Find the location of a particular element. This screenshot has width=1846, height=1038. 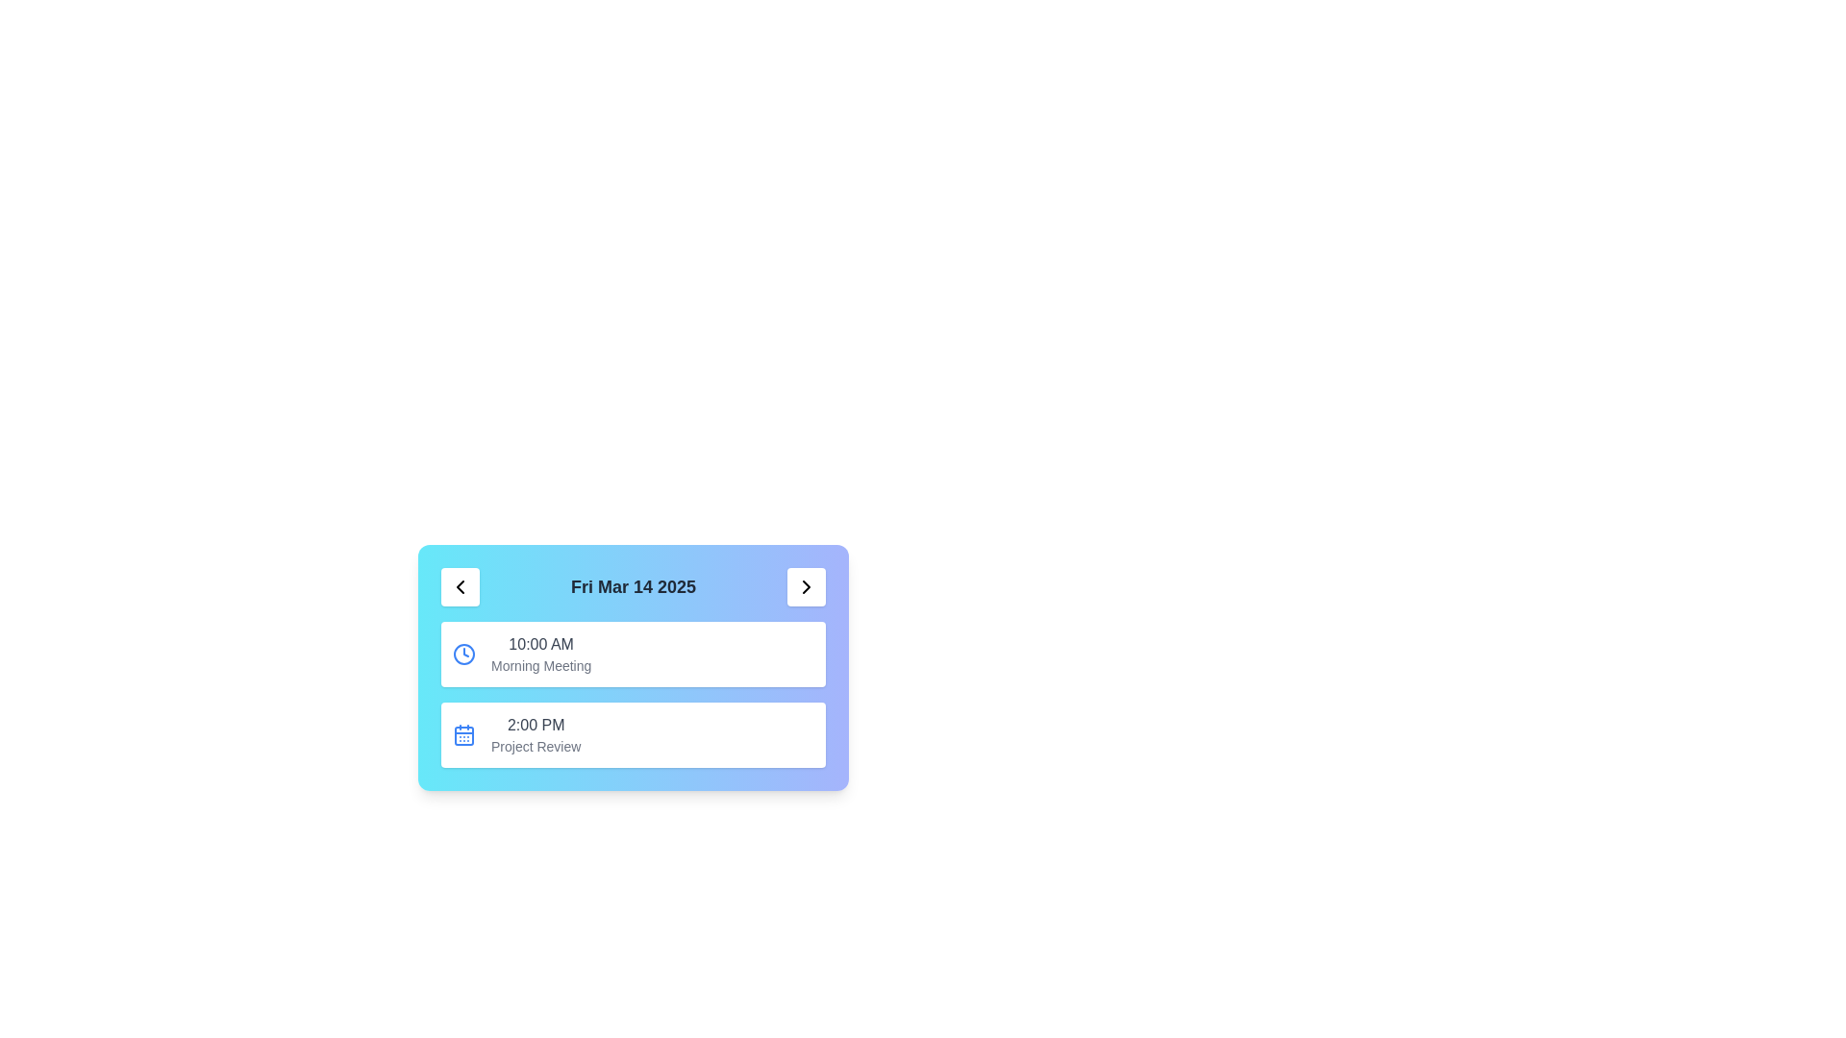

the chevron icon located at the top-right corner of the date-display card showing 'Fri Mar 14 2025' is located at coordinates (807, 585).